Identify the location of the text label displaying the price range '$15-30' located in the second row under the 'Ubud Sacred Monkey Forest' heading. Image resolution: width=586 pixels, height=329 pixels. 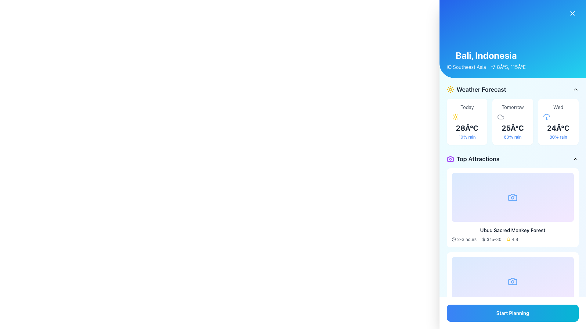
(494, 323).